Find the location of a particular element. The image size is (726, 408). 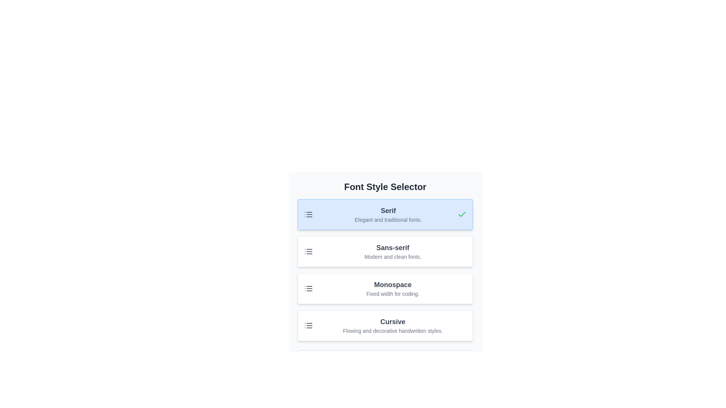

the text display block labeled 'Cursive' in the font style selector is located at coordinates (392, 325).